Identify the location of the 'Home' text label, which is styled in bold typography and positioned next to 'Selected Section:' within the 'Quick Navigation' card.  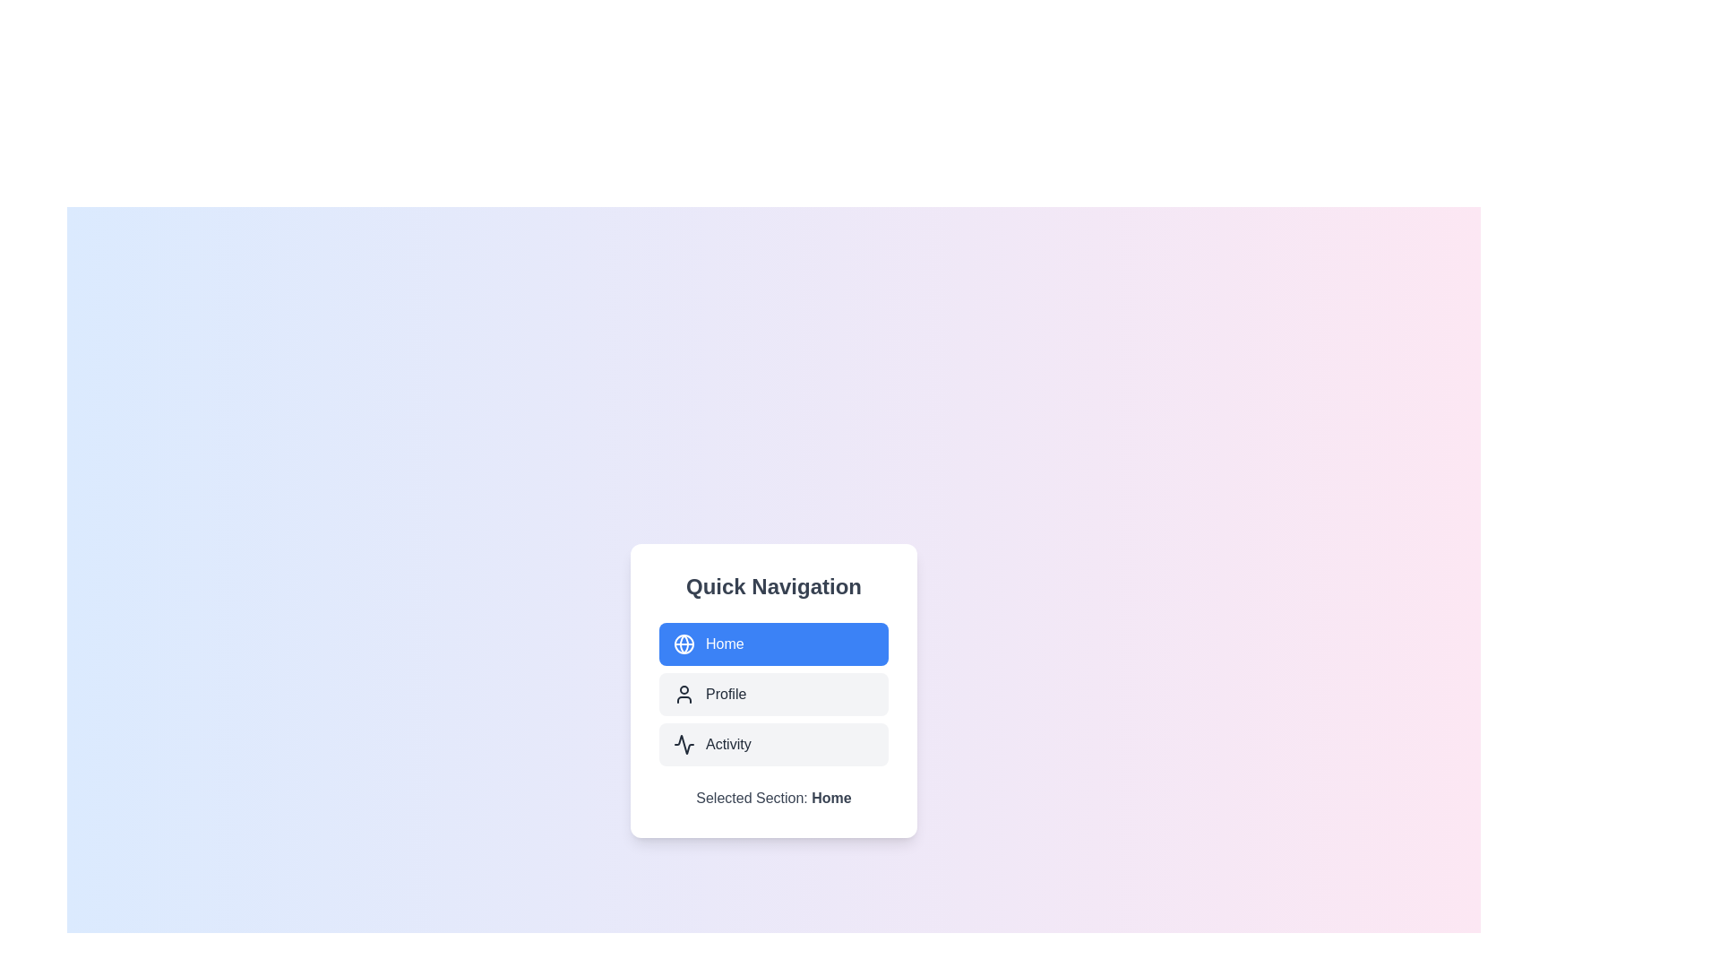
(830, 797).